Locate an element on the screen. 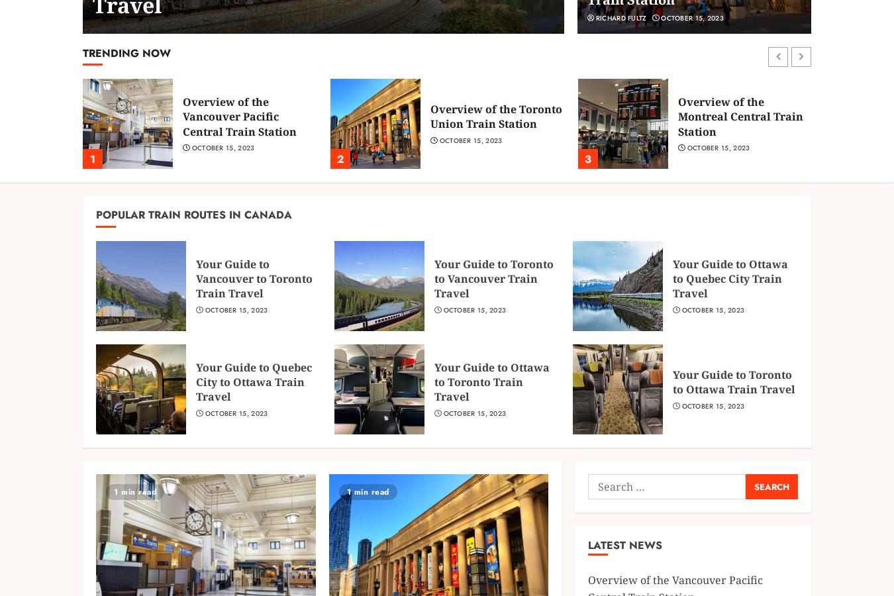 This screenshot has width=894, height=596. 'Your Guide to Ottawa to Toronto Train Travel' is located at coordinates (490, 381).